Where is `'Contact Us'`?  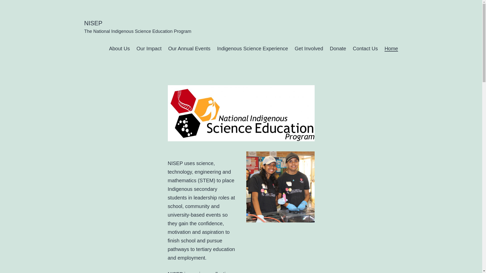 'Contact Us' is located at coordinates (365, 48).